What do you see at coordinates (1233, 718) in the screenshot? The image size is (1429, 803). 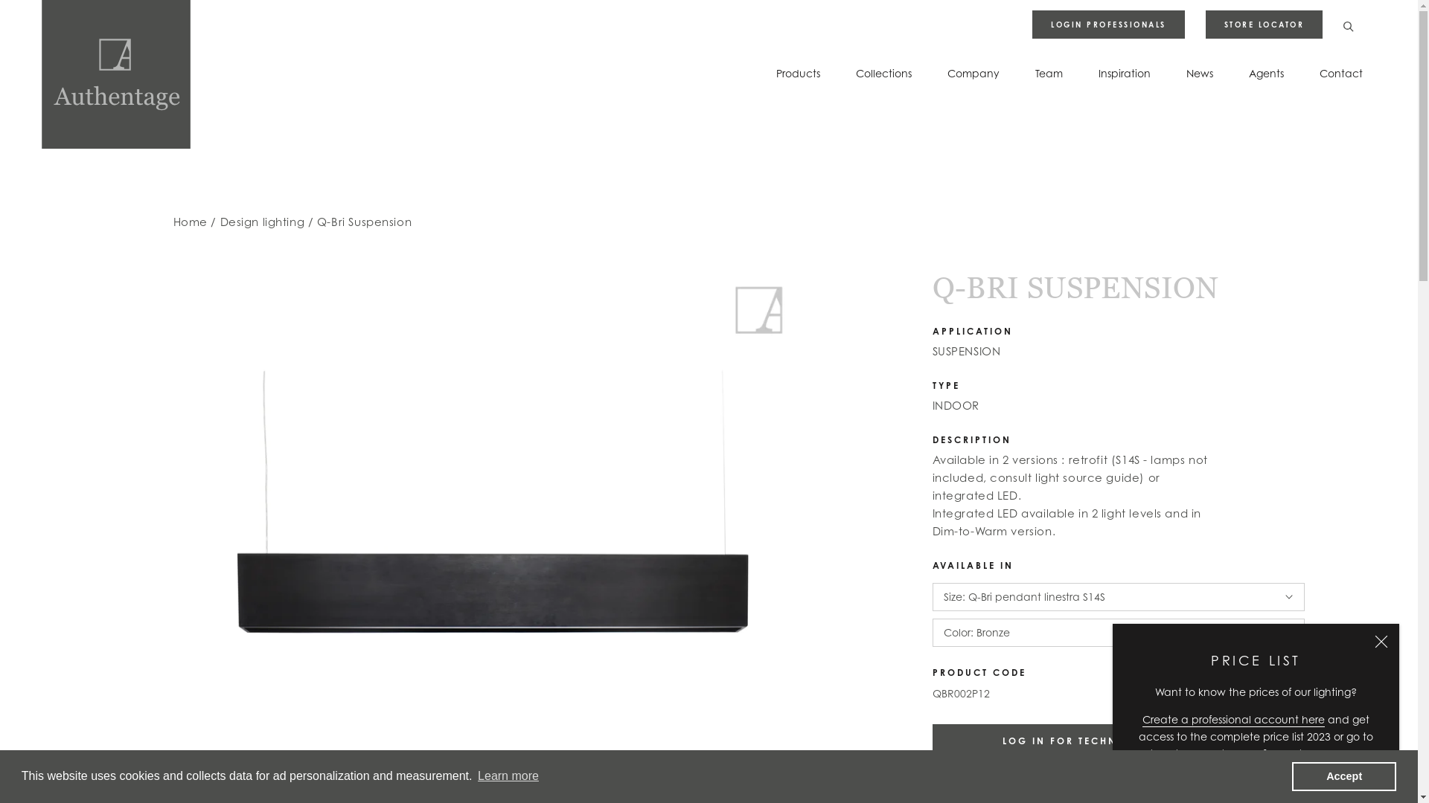 I see `'Create a professional account here'` at bounding box center [1233, 718].